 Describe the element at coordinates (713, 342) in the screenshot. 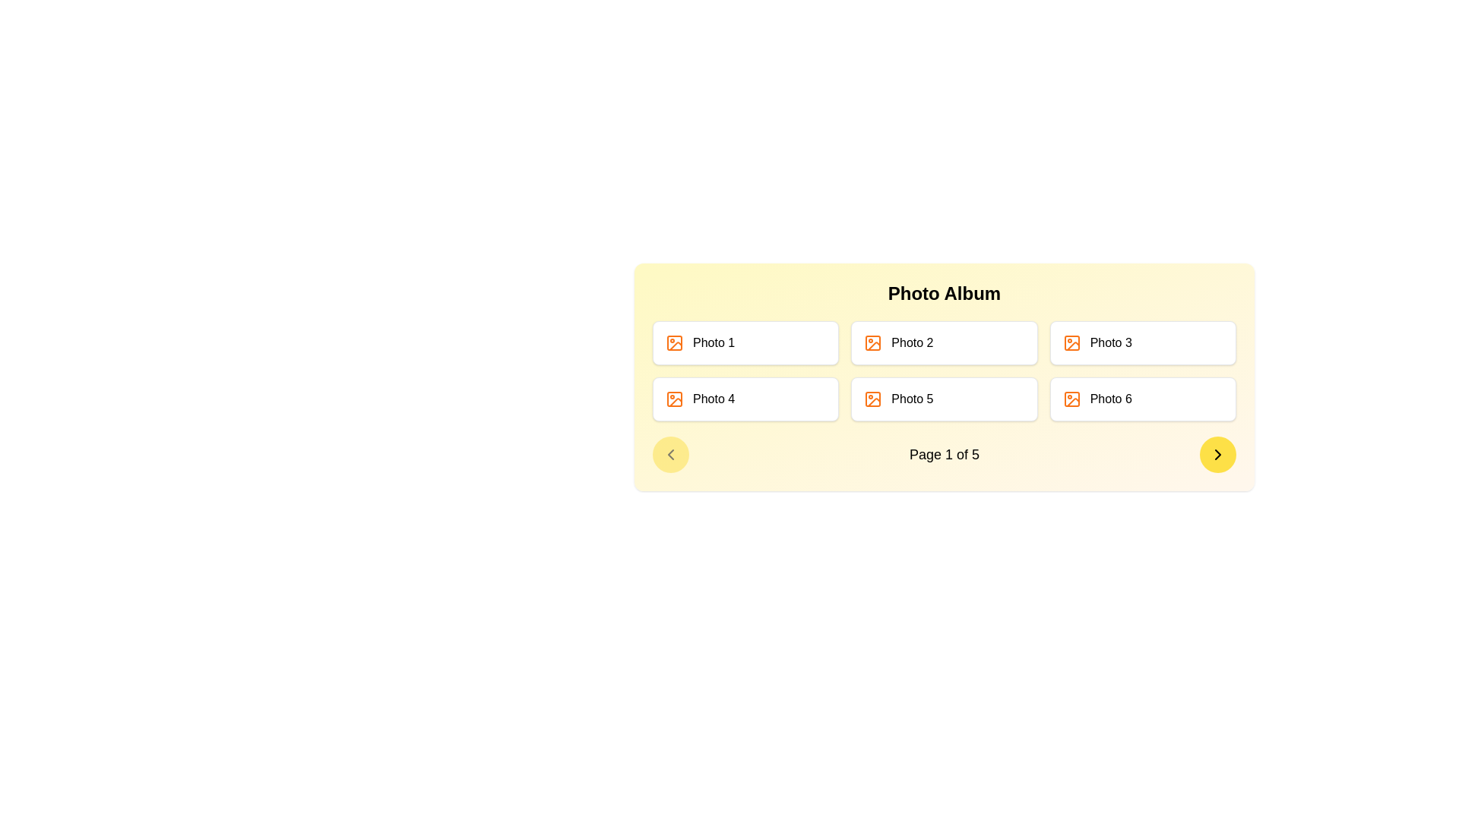

I see `the text label that identifies the associated photo entry in the album, located in the first row's first column of a grid layout` at that location.